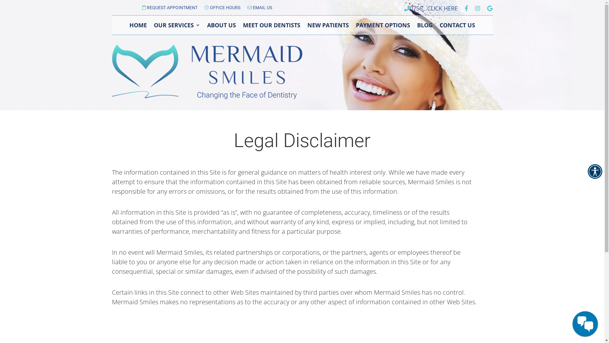 The width and height of the screenshot is (609, 343). I want to click on 'EMAIL US', so click(260, 9).